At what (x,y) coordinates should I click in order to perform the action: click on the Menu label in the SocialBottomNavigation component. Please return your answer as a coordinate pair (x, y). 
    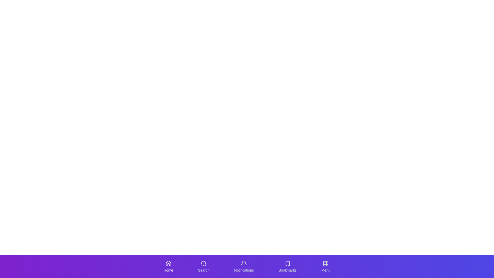
    Looking at the image, I should click on (325, 270).